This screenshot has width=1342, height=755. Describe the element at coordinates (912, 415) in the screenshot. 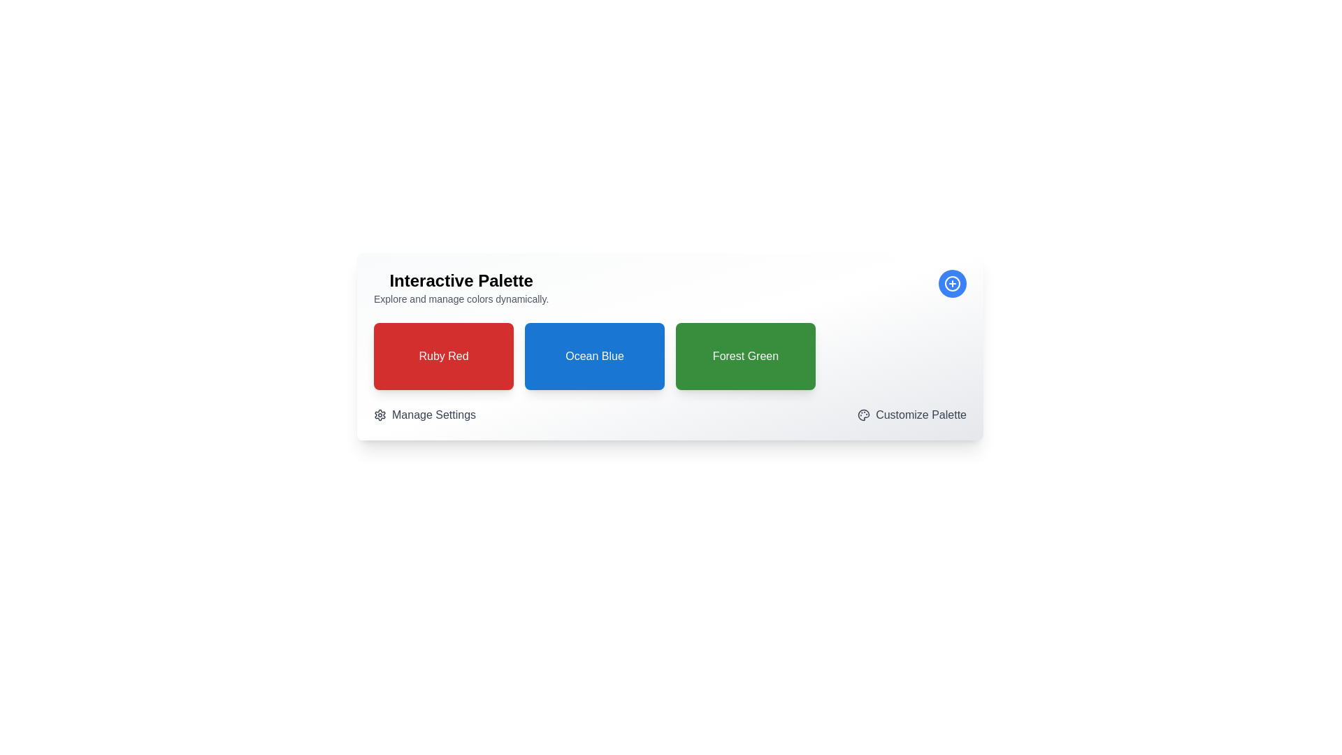

I see `the 'Customize Palette' button, which is a horizontally-aligned clickable text component with an icon of a palette` at that location.